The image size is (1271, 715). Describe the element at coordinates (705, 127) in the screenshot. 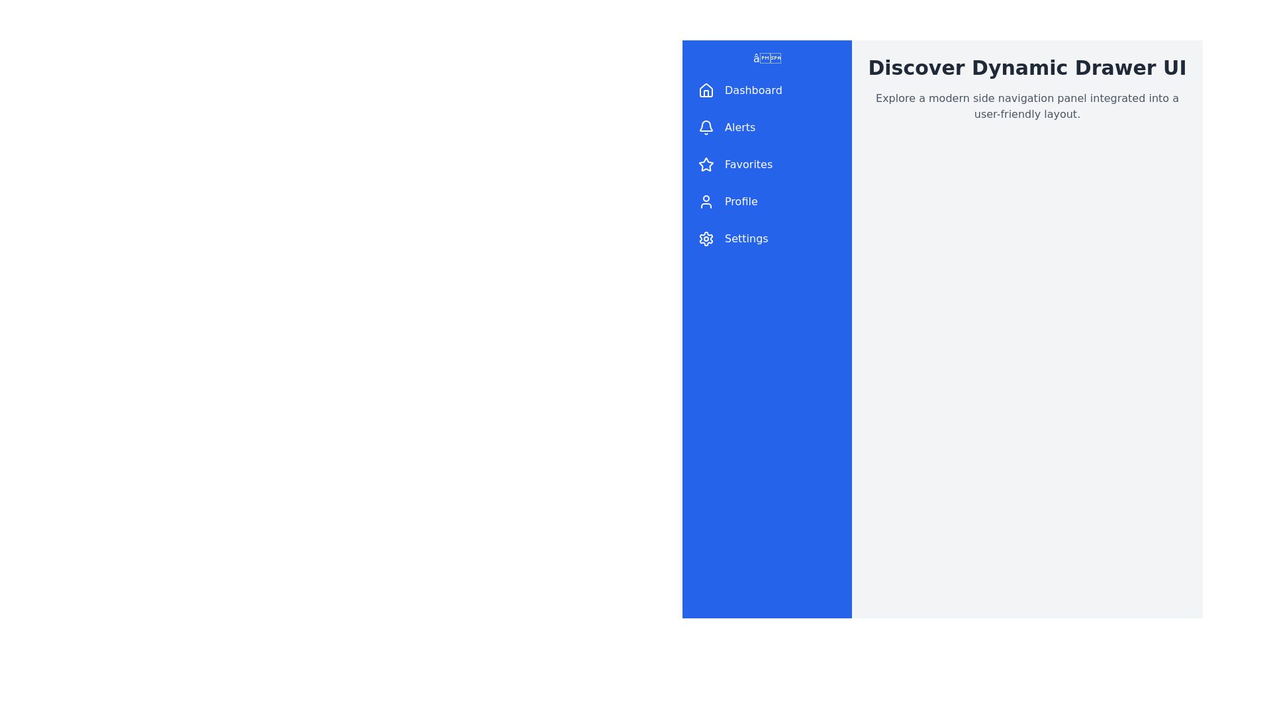

I see `the notification icon in the 'Alerts' section of the vertical navigation menu` at that location.